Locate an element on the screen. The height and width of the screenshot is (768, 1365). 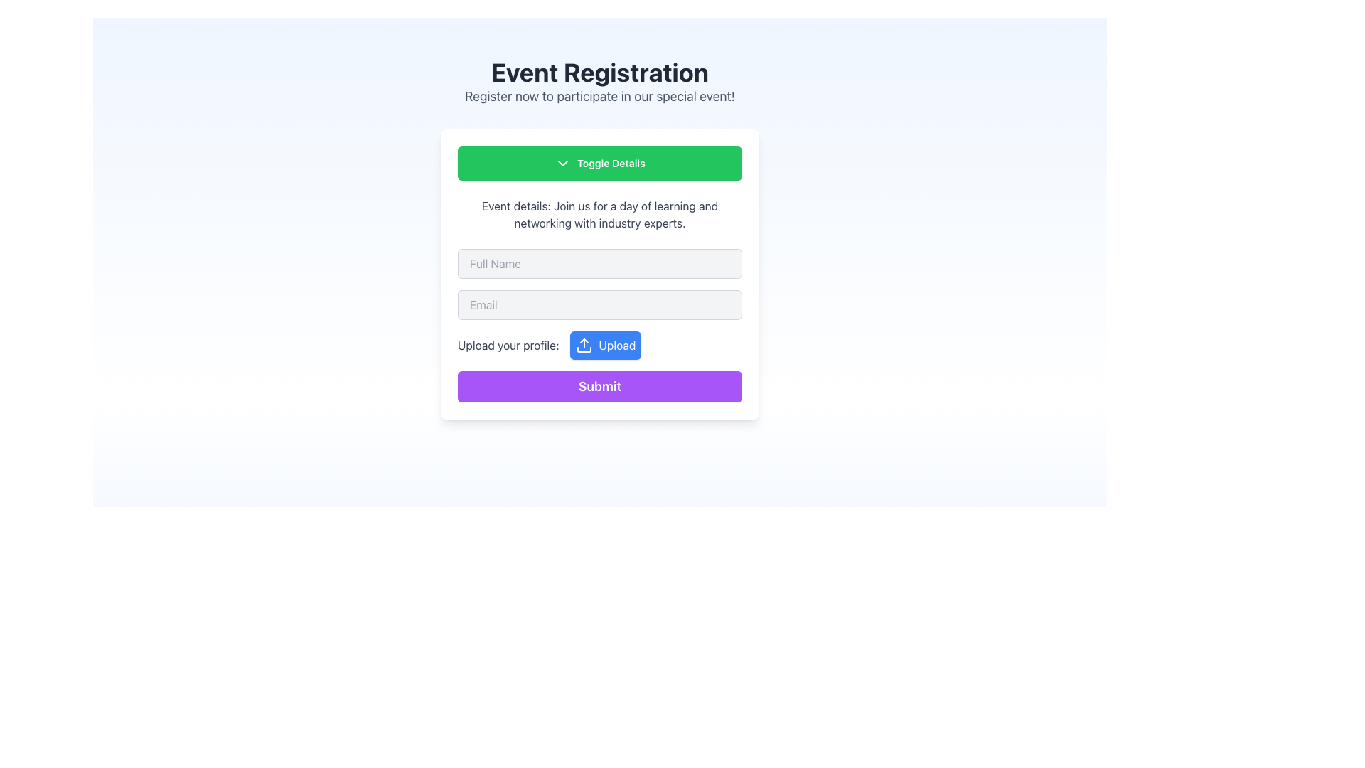
the 'Upload' button, which is blue and rounded, located to the right of the label 'Upload your profile:' is located at coordinates (600, 346).